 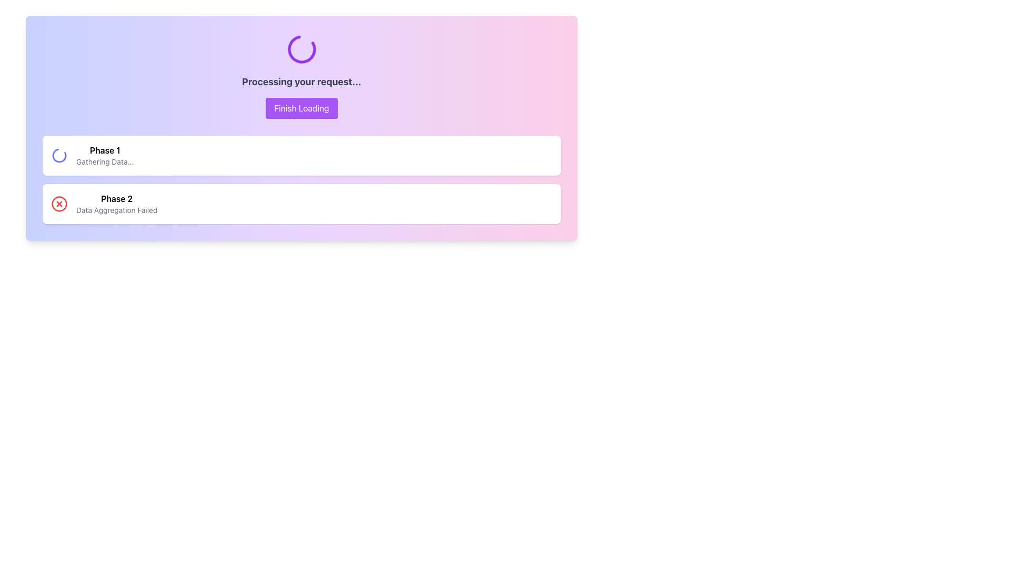 I want to click on the Loading indicator (animated spinner) located at the top-left corner of the 'Phase 1' section, below the 'Processing your request' header, so click(x=59, y=156).